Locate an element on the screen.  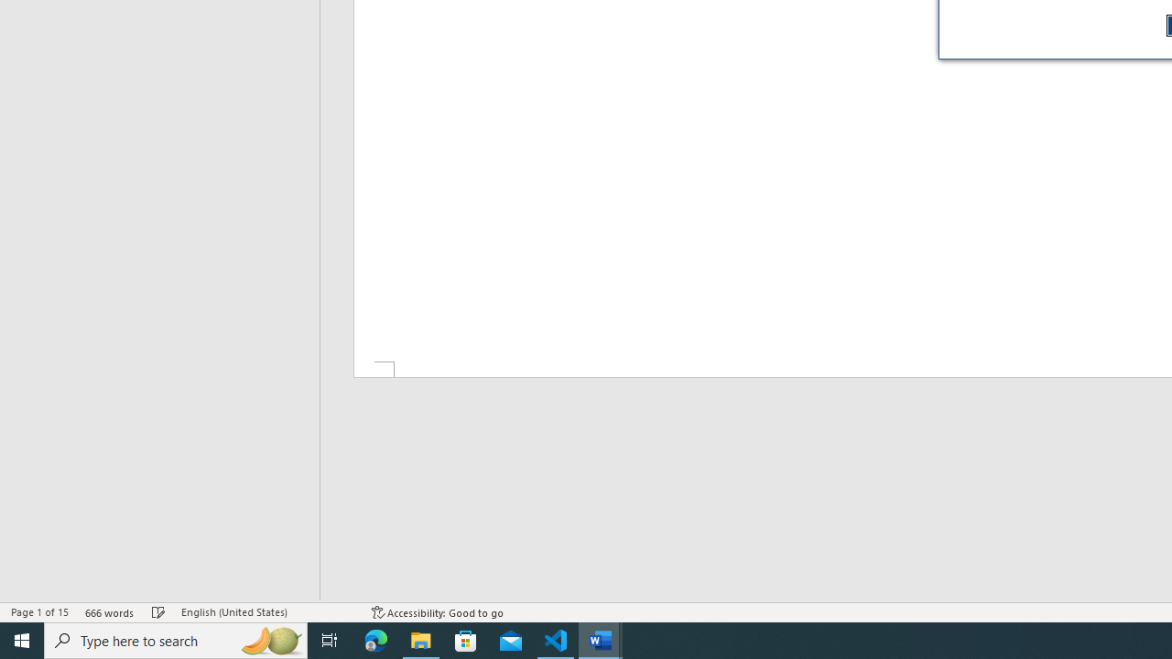
'Language English (United States)' is located at coordinates (266, 612).